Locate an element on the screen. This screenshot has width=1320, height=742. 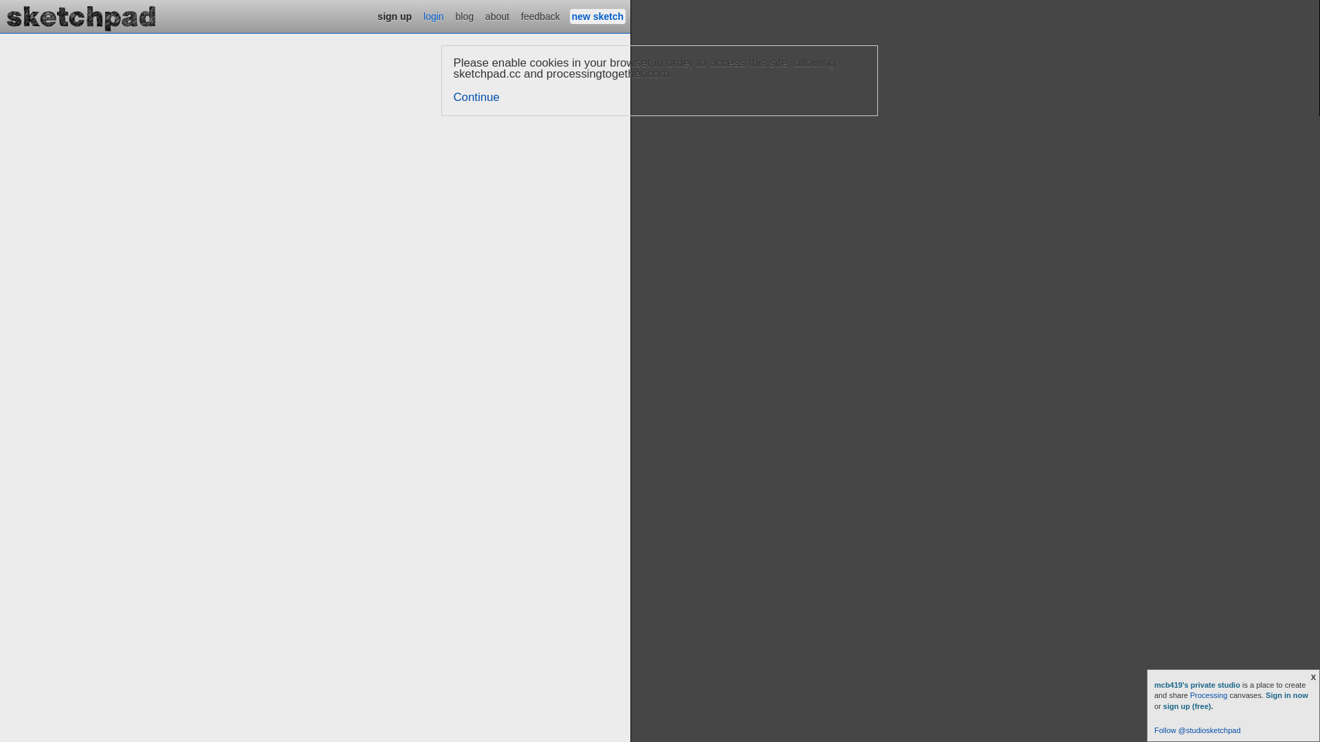
'Follow @studiosketchpad' is located at coordinates (1197, 730).